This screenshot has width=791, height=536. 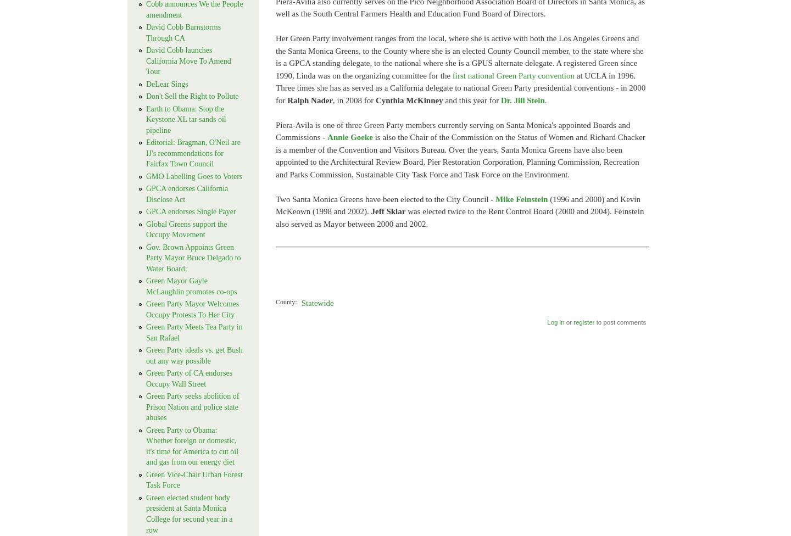 What do you see at coordinates (388, 211) in the screenshot?
I see `'Jeff Sklar'` at bounding box center [388, 211].